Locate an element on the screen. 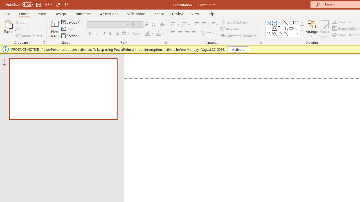 This screenshot has width=360, height=202. 'Shape Outline Dark Red, Accent 1' is located at coordinates (334, 28).